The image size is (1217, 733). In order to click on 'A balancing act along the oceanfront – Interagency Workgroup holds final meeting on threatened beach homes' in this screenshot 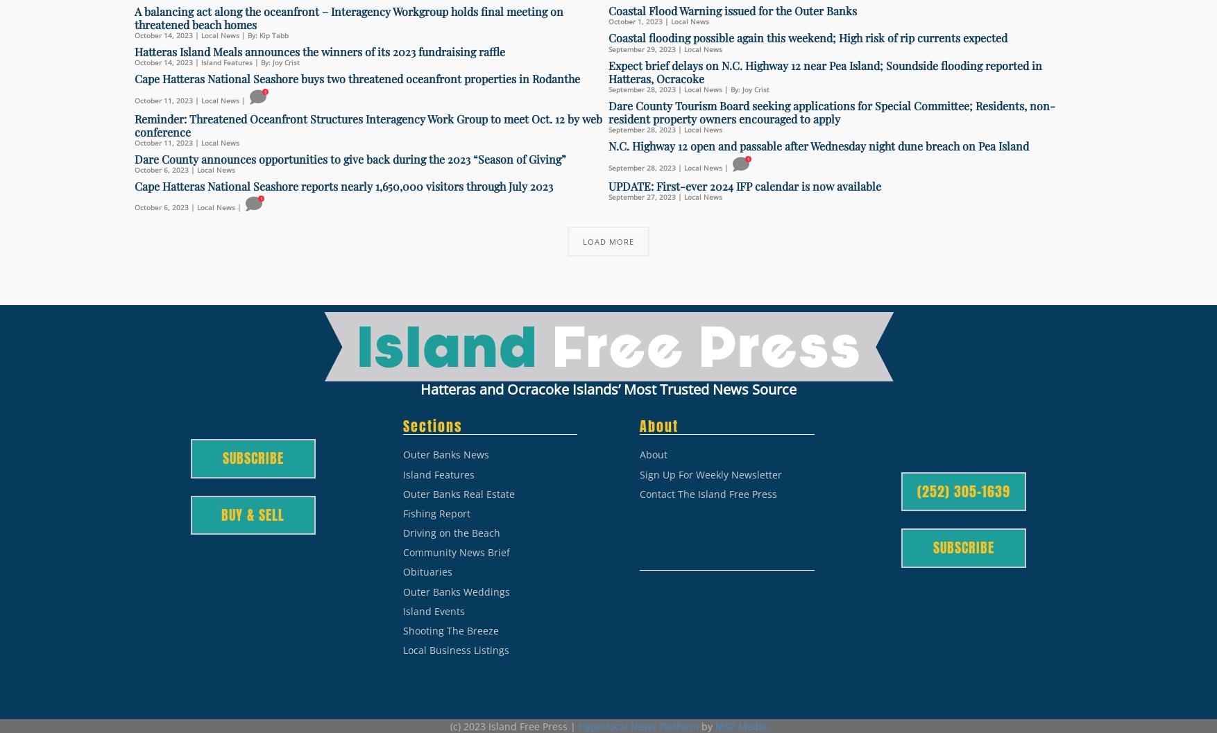, I will do `click(134, 17)`.